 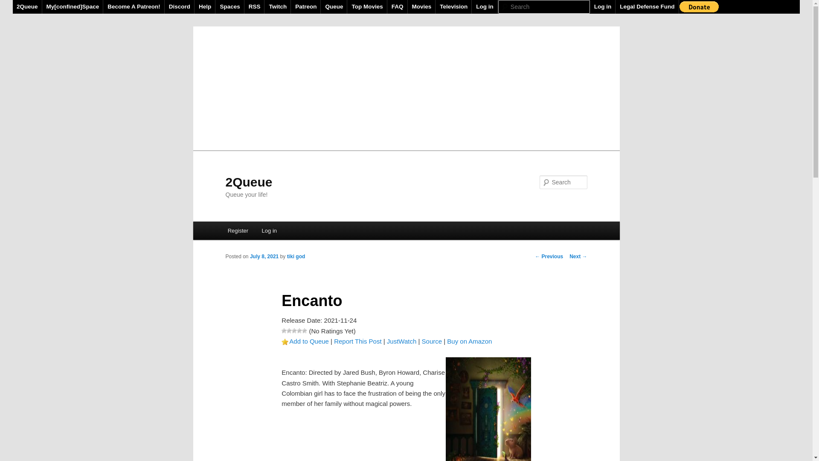 What do you see at coordinates (264, 256) in the screenshot?
I see `'July 8, 2021'` at bounding box center [264, 256].